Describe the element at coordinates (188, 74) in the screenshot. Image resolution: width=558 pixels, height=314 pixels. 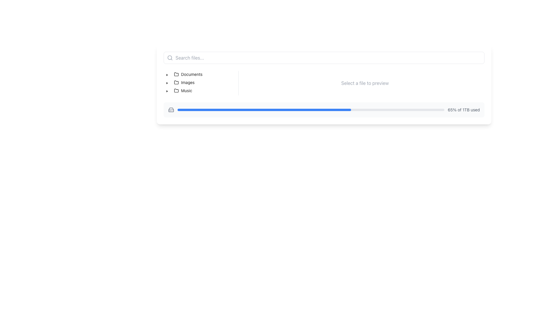
I see `the first folder entry in the file explorer that triggers navigation to the 'Documents' folder` at that location.